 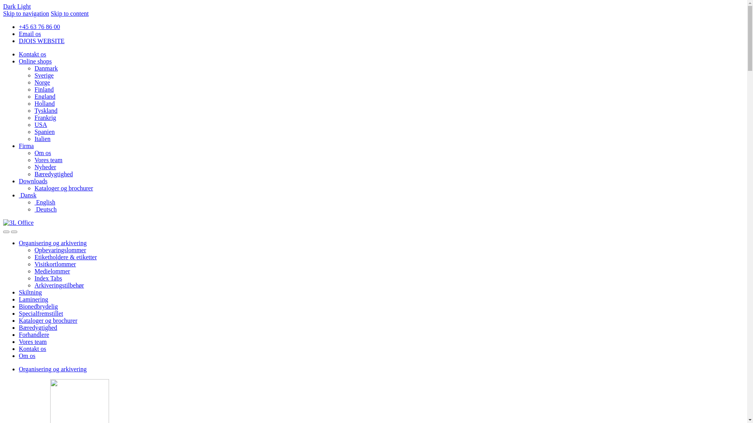 I want to click on 'Kataloger og brochurer', so click(x=47, y=320).